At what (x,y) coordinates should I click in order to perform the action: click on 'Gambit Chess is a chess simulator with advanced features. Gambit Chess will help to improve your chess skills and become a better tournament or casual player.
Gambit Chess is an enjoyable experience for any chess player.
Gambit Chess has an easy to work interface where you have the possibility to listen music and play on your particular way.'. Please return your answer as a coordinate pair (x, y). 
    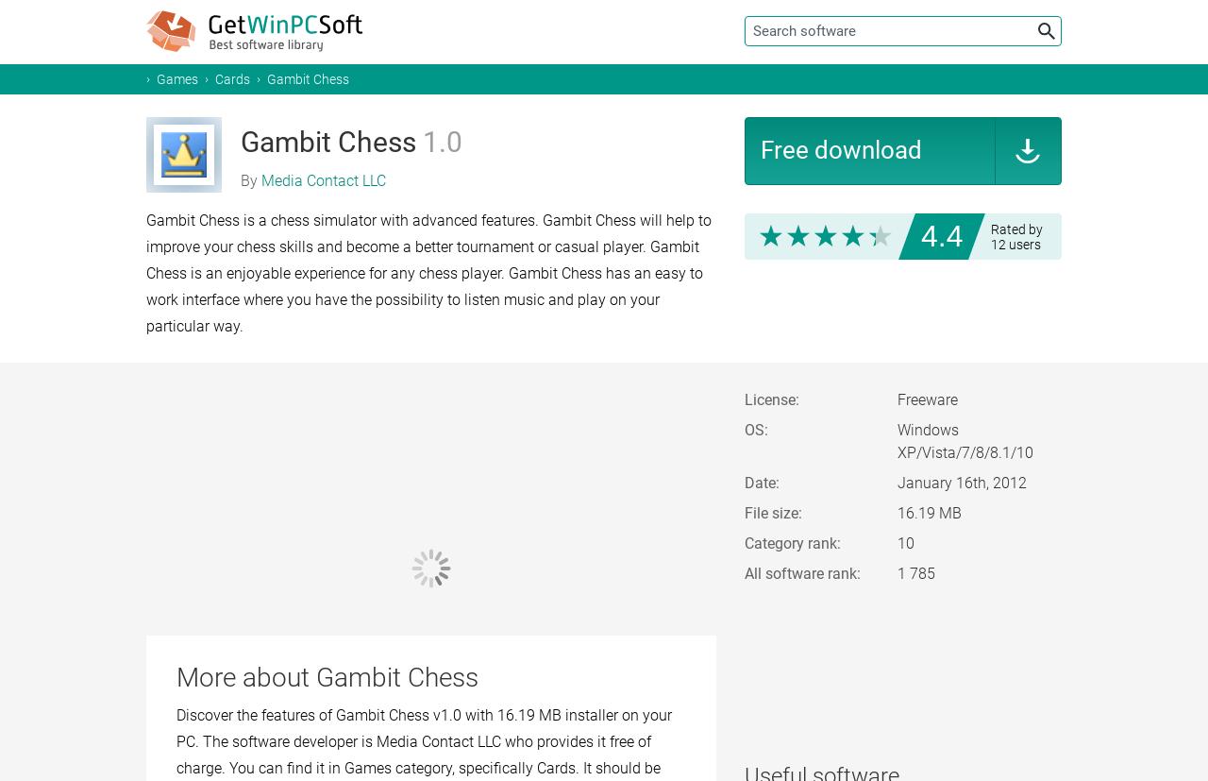
    Looking at the image, I should click on (428, 272).